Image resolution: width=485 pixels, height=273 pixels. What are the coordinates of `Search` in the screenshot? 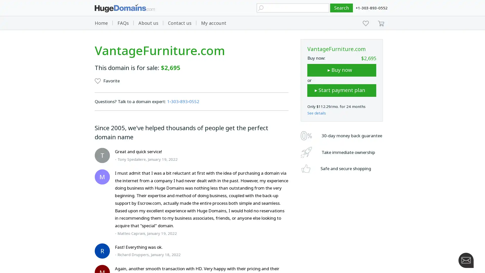 It's located at (342, 8).